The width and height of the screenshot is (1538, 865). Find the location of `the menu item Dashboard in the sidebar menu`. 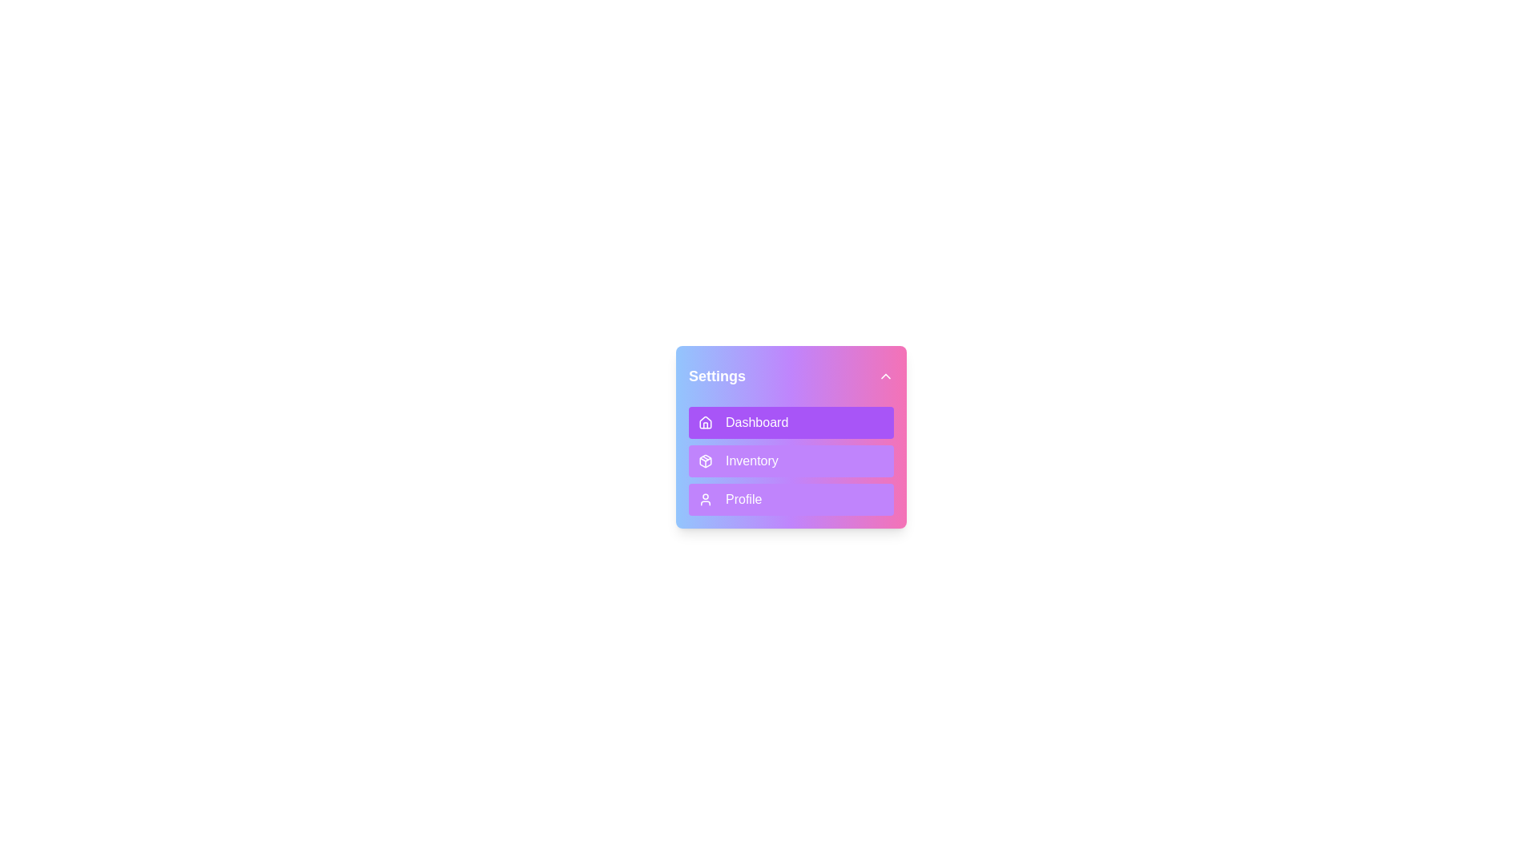

the menu item Dashboard in the sidebar menu is located at coordinates (791, 422).